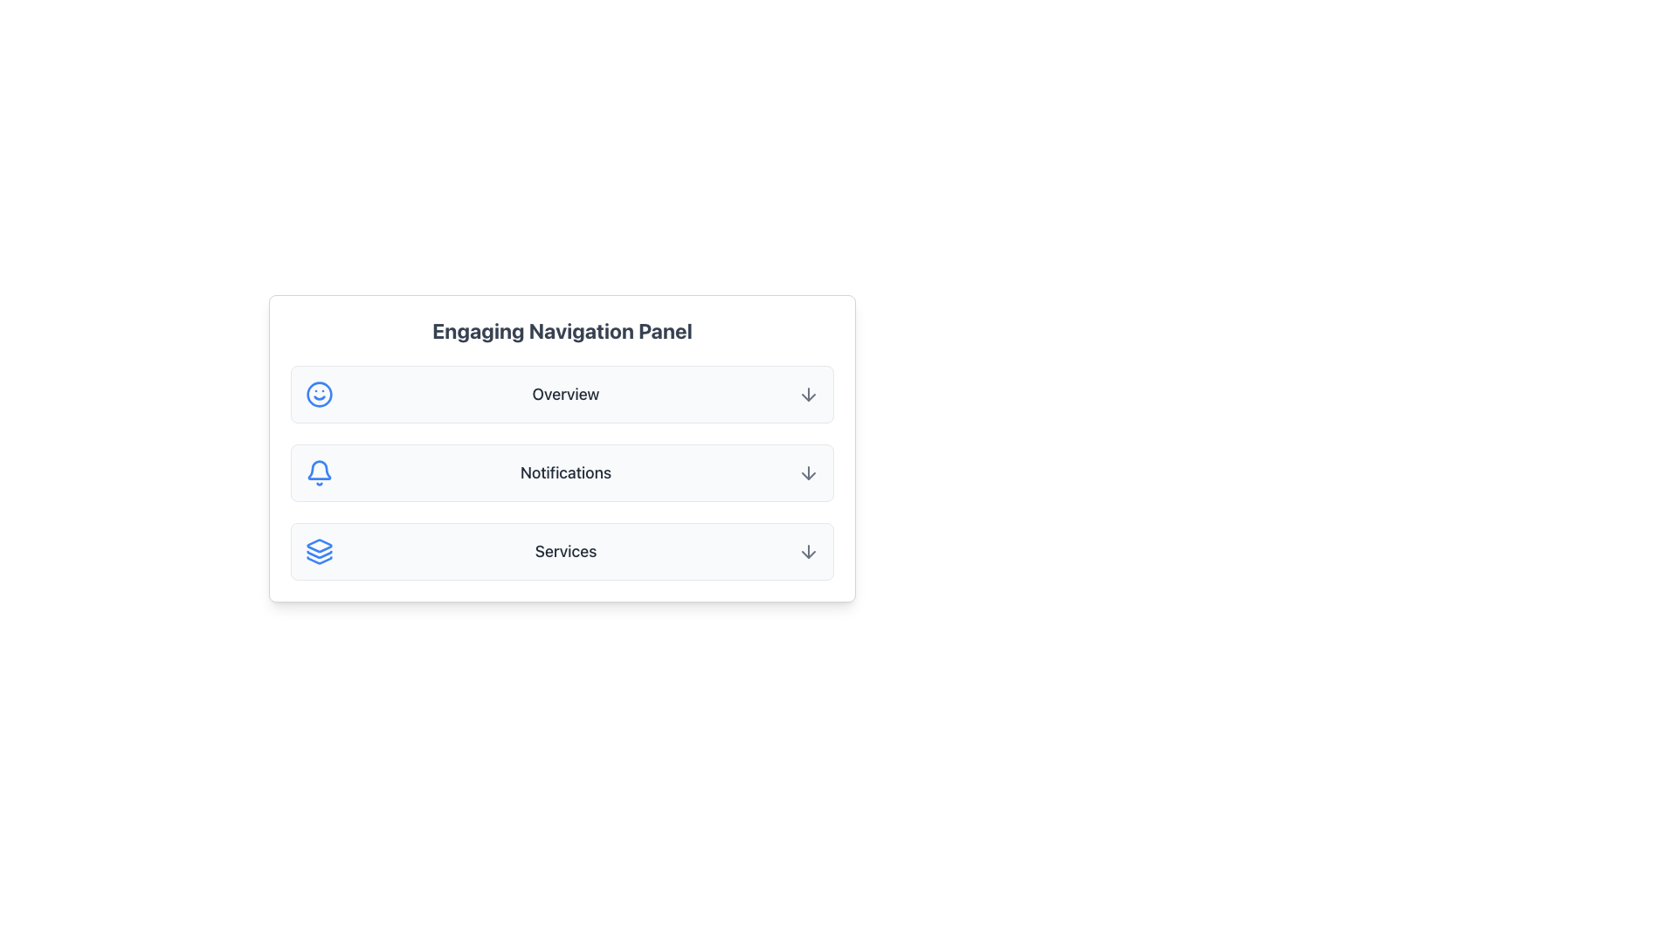 This screenshot has height=943, width=1677. Describe the element at coordinates (808, 394) in the screenshot. I see `the downward arrow icon with a thin outline located at the top right corner of the 'Overview' section` at that location.